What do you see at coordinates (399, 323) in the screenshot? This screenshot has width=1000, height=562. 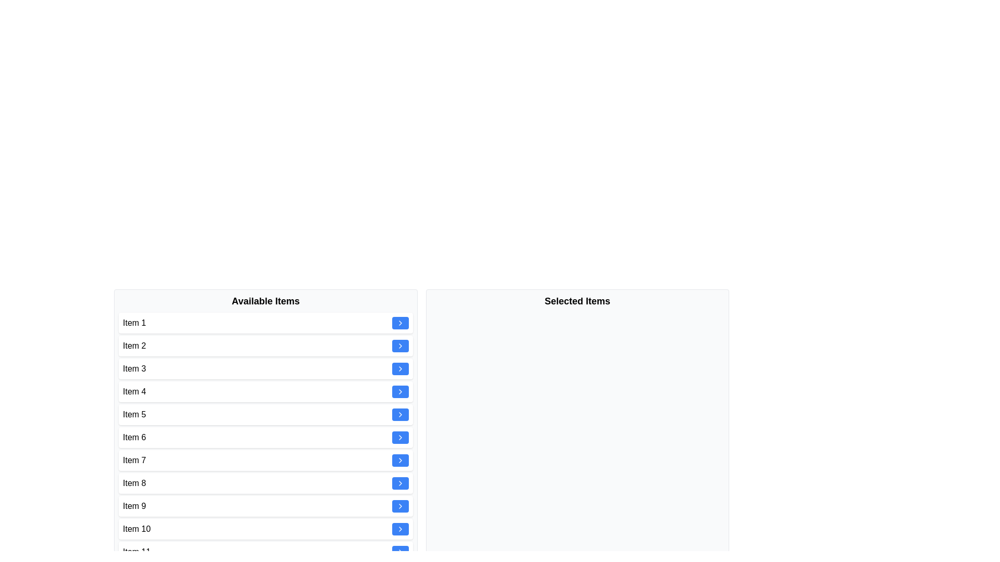 I see `the small triangular arrow icon pointing to the right, which is located inside the blue button in the row for 'Item 1' under 'Available Items'` at bounding box center [399, 323].